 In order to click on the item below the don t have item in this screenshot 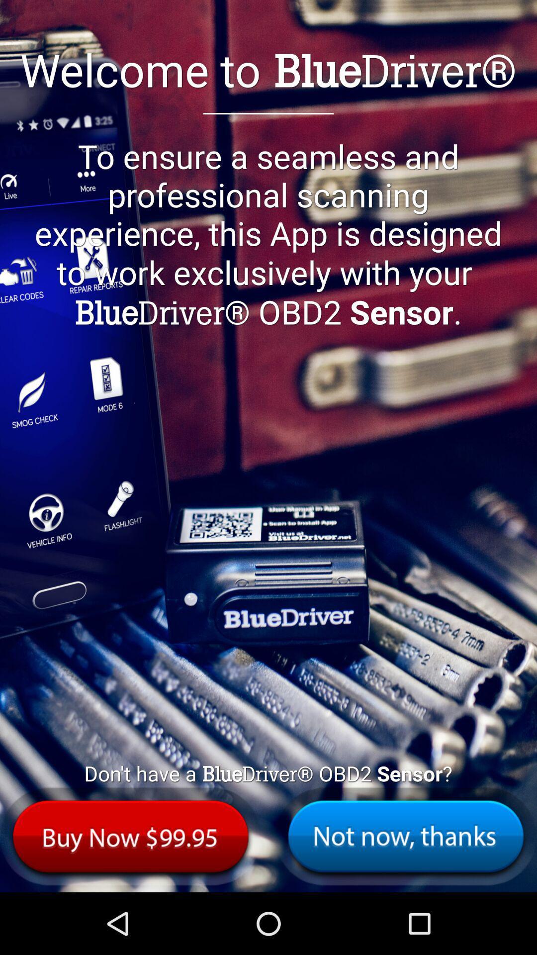, I will do `click(130, 836)`.